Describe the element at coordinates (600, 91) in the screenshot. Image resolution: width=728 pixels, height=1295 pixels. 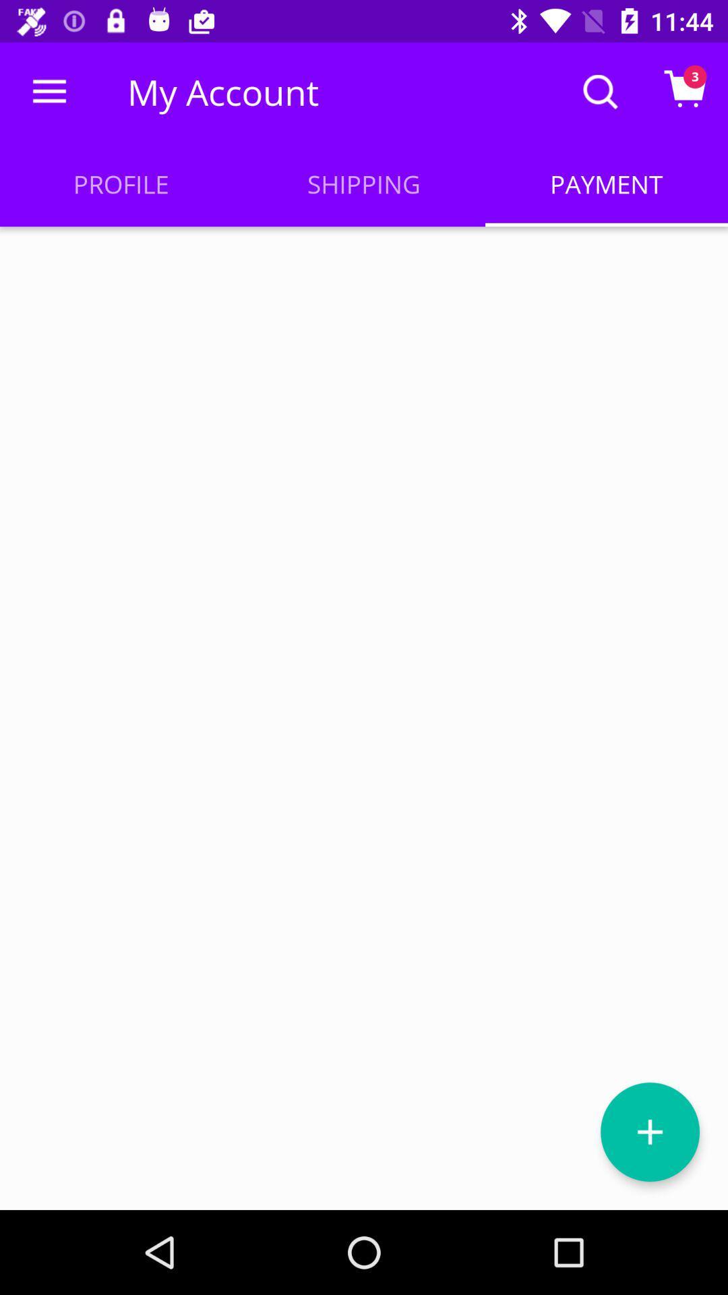
I see `the search option` at that location.